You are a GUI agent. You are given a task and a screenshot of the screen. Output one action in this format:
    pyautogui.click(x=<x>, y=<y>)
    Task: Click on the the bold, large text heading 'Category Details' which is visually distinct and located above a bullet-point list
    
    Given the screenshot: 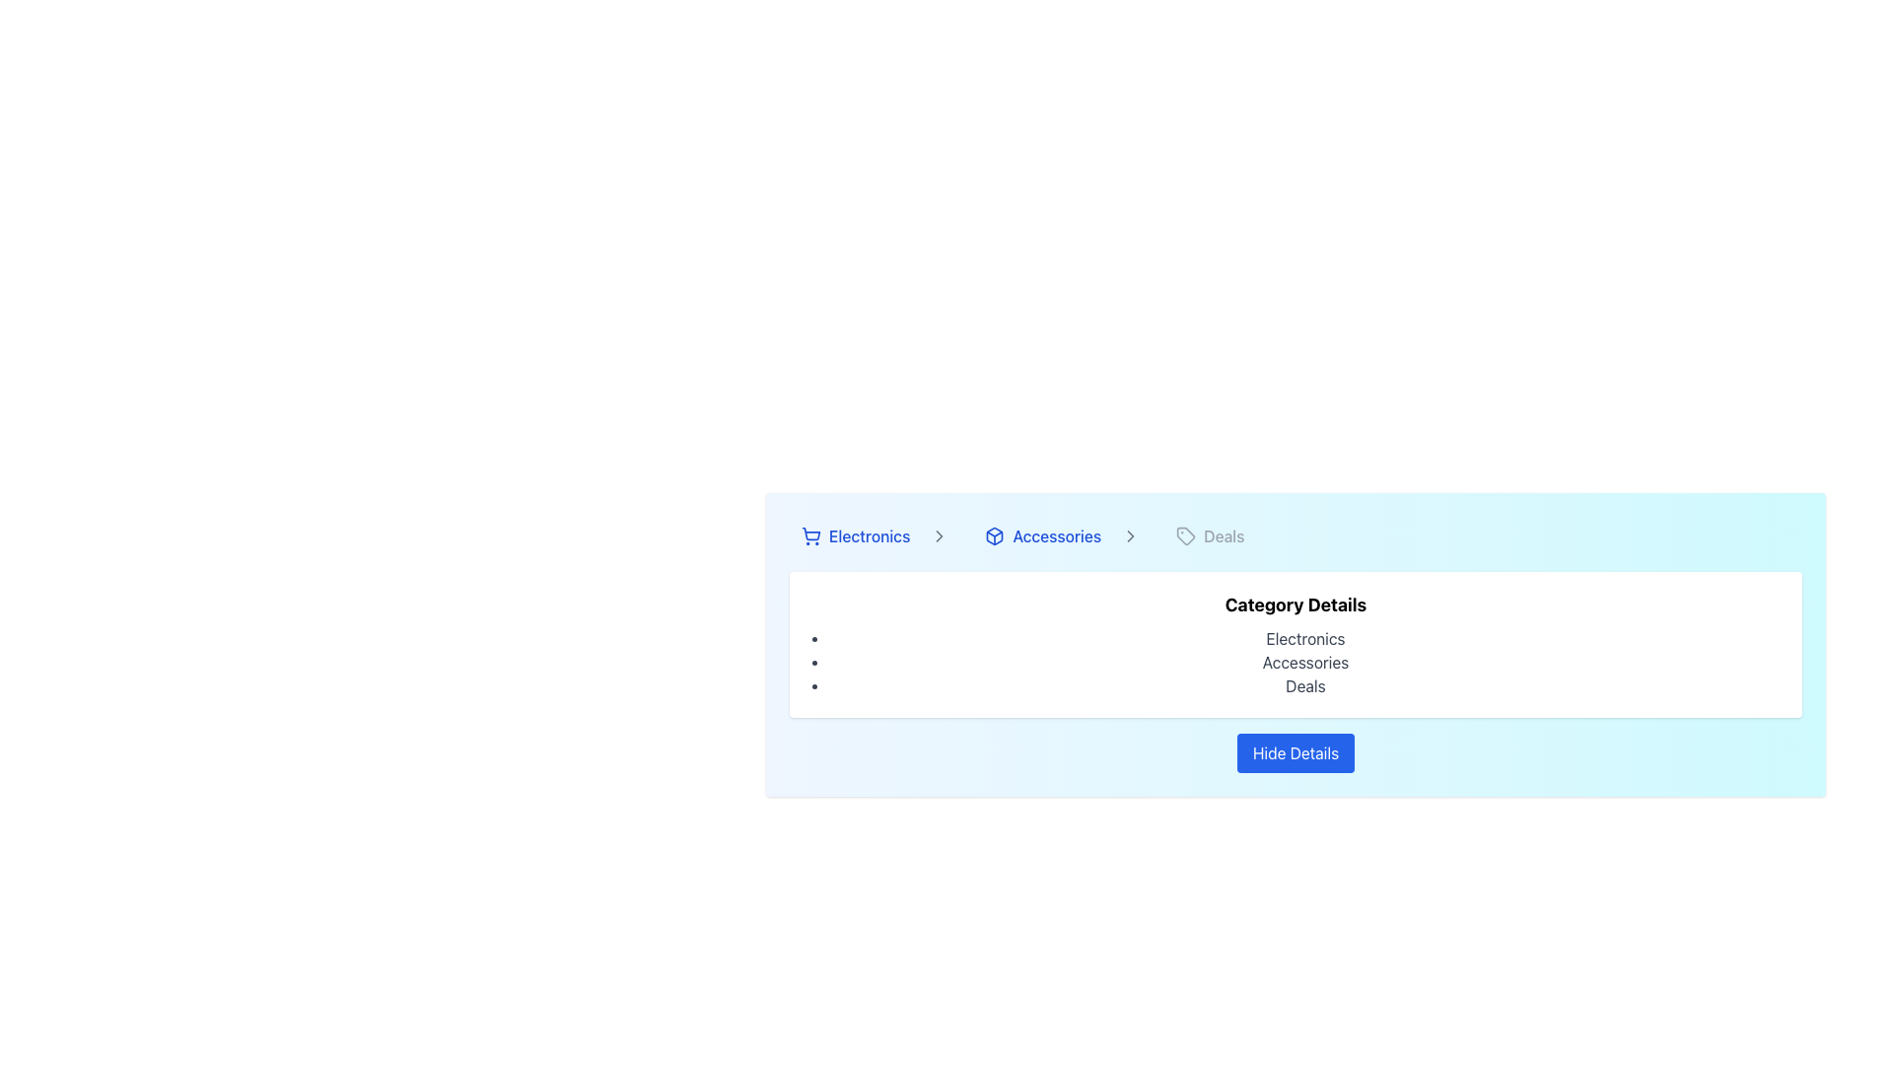 What is the action you would take?
    pyautogui.click(x=1296, y=603)
    